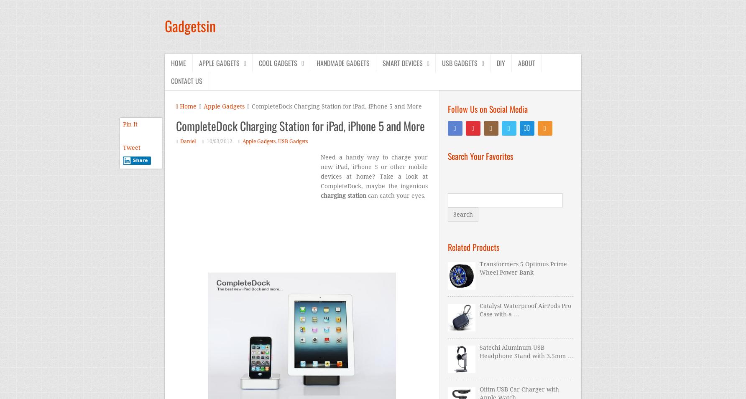 This screenshot has height=399, width=746. Describe the element at coordinates (526, 352) in the screenshot. I see `'Satechi Aluminum USB Headphone Stand with 3.5mm …'` at that location.